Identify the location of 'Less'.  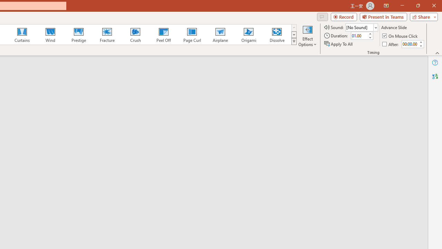
(420, 46).